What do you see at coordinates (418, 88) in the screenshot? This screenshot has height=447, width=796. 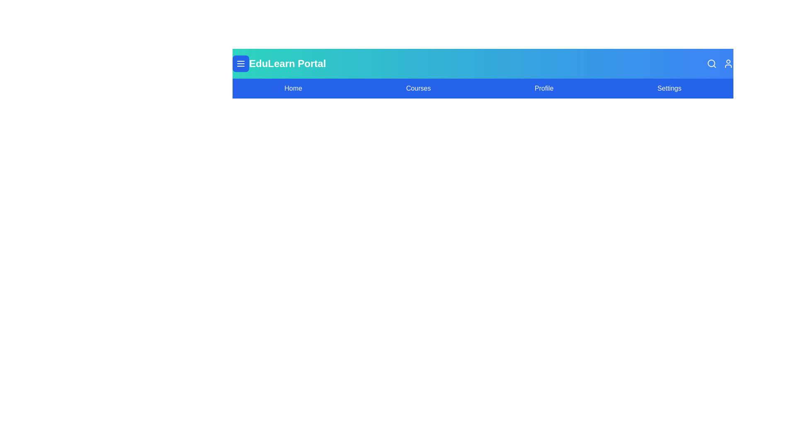 I see `the menu item Courses` at bounding box center [418, 88].